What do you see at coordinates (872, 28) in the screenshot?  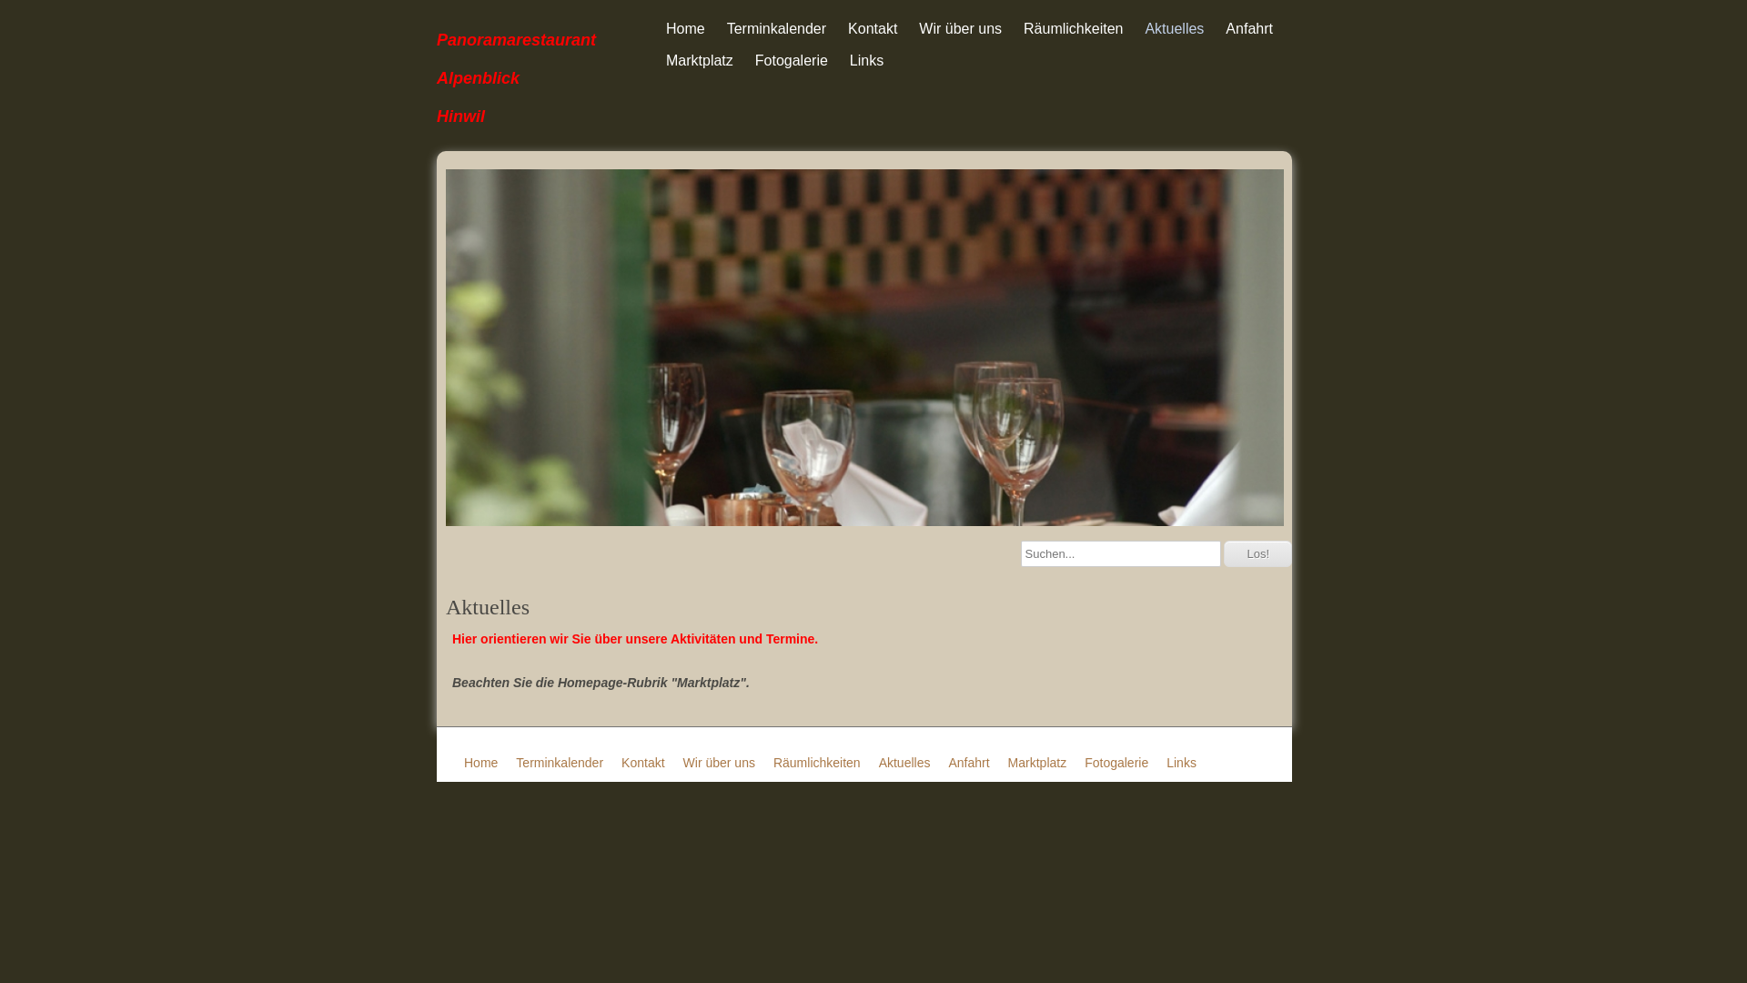 I see `'Kontakt'` at bounding box center [872, 28].